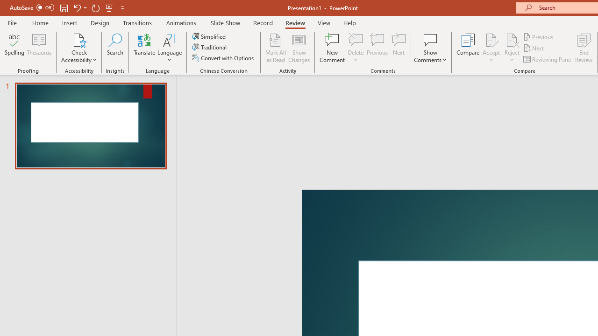 This screenshot has width=598, height=336. Describe the element at coordinates (430, 39) in the screenshot. I see `'Show Comments'` at that location.